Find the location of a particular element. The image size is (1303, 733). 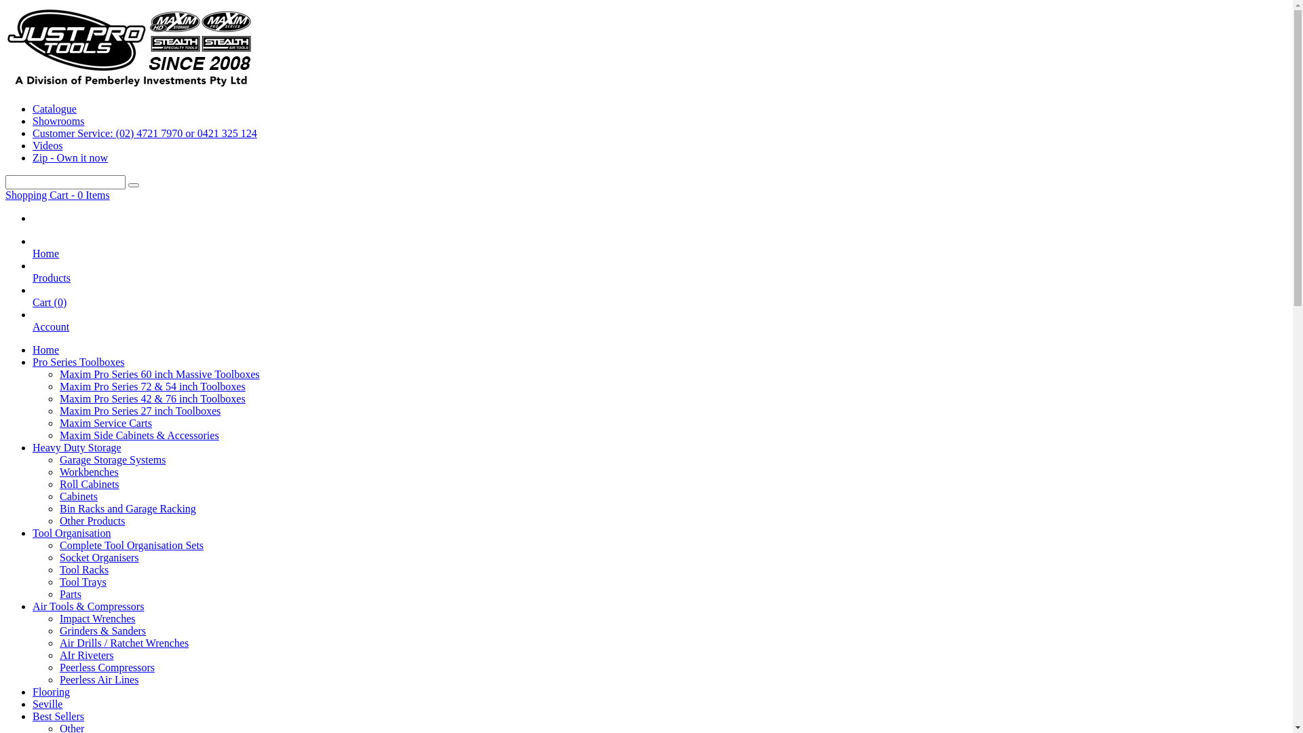

'Maxim Pro Series 27 inch Toolboxes' is located at coordinates (140, 410).